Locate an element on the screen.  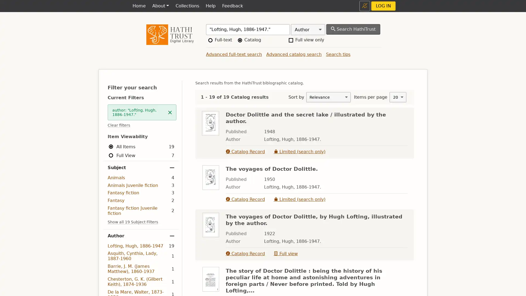
author: "Lofting, Hugh, 1886-1947." Remove is located at coordinates (142, 112).